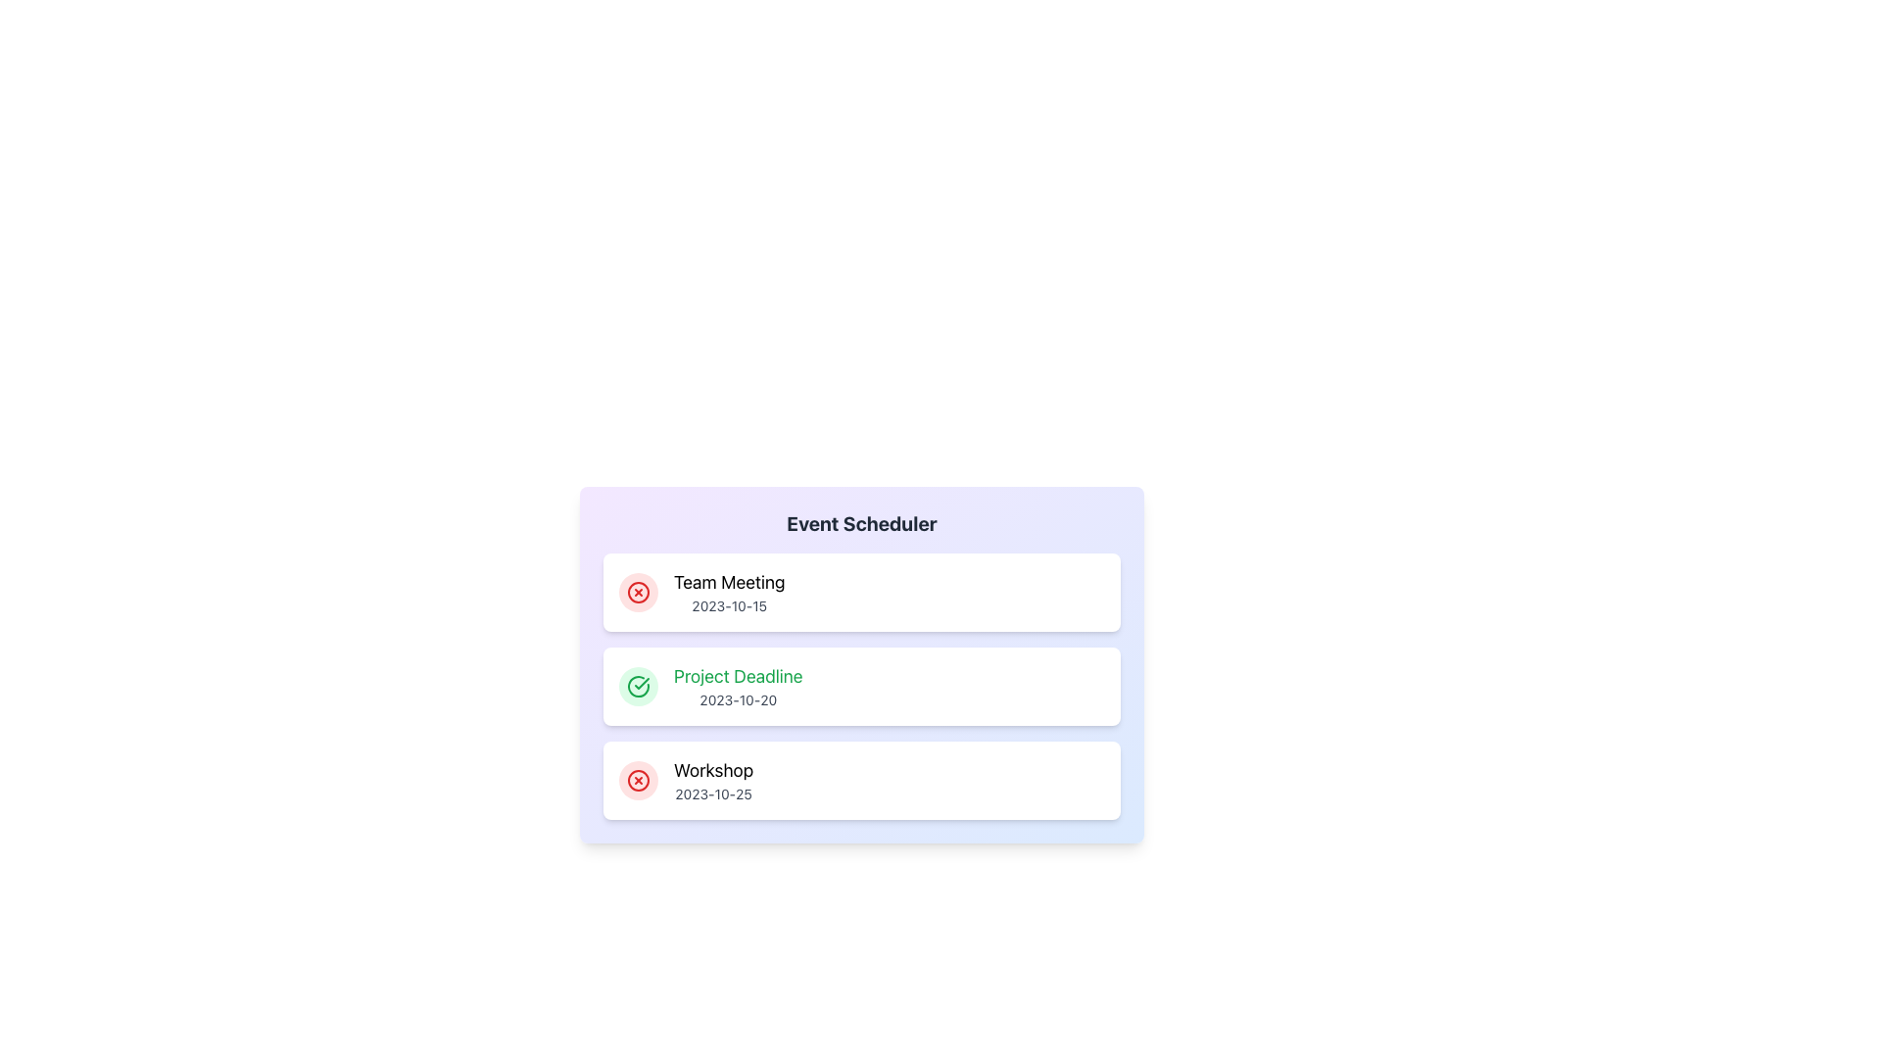 This screenshot has width=1881, height=1058. What do you see at coordinates (728, 604) in the screenshot?
I see `the Text Label that displays the scheduled date for the event, located directly below the 'Team Meeting' element in the event list` at bounding box center [728, 604].